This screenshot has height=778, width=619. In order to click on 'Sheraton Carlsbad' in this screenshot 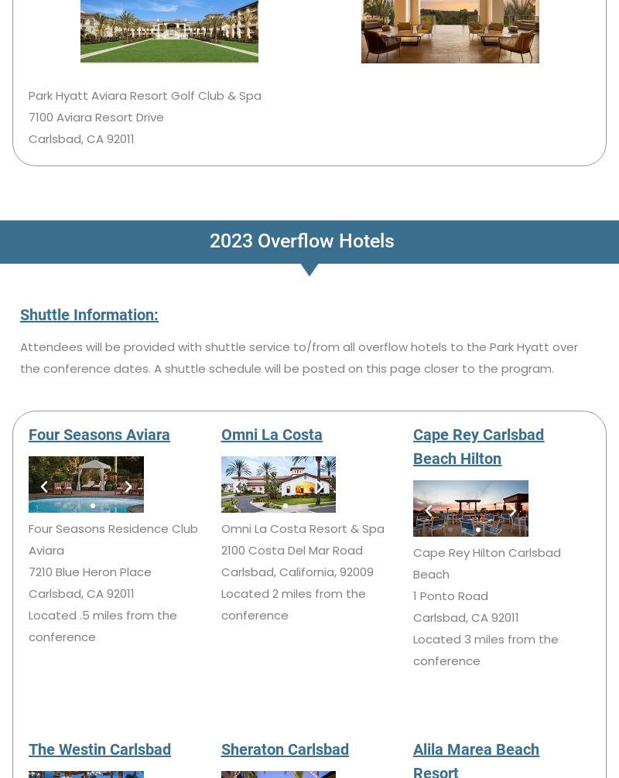, I will do `click(284, 748)`.